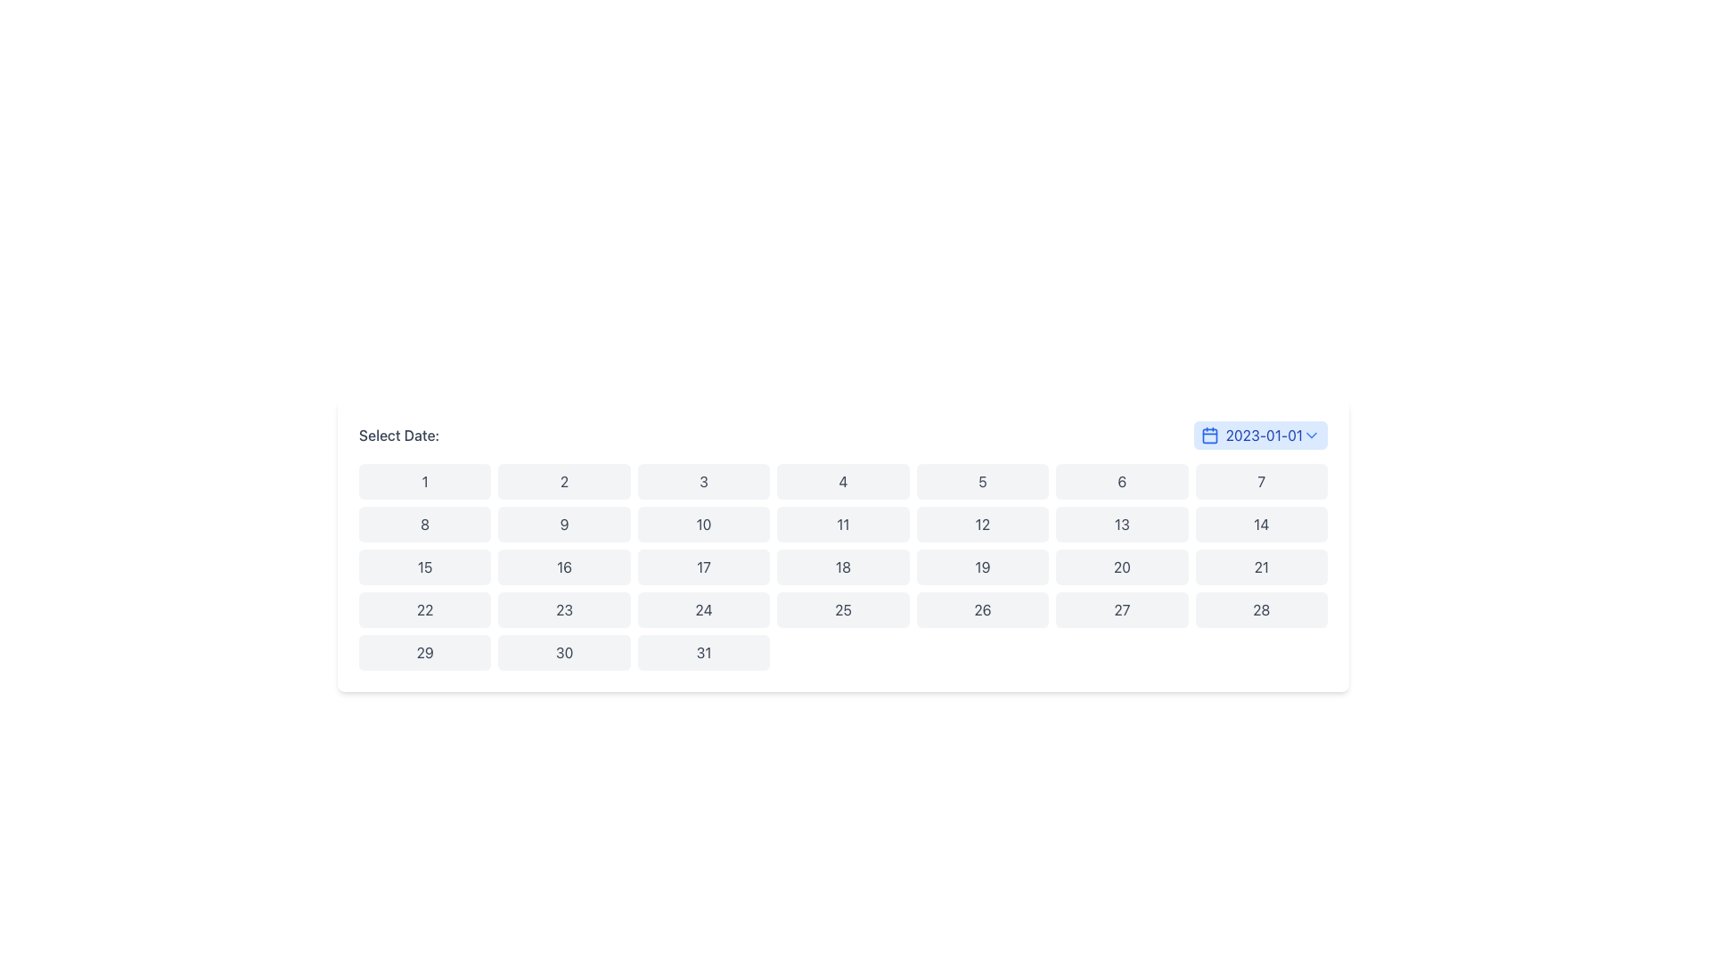 The image size is (1711, 962). What do you see at coordinates (842, 481) in the screenshot?
I see `the button labeled '4' in the grid layout` at bounding box center [842, 481].